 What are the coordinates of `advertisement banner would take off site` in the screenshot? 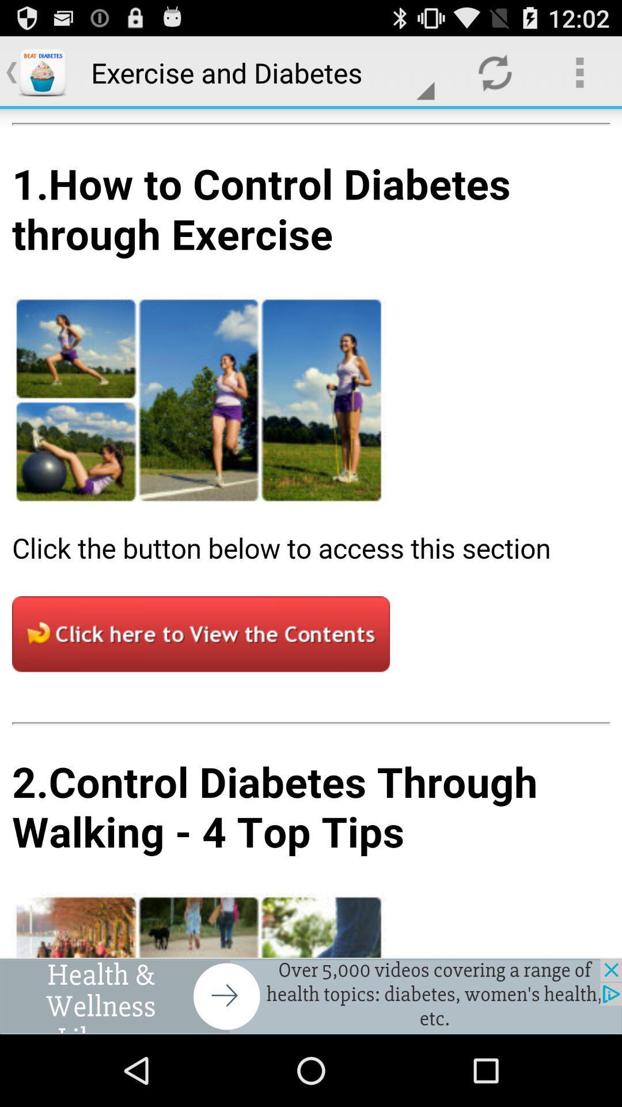 It's located at (311, 996).